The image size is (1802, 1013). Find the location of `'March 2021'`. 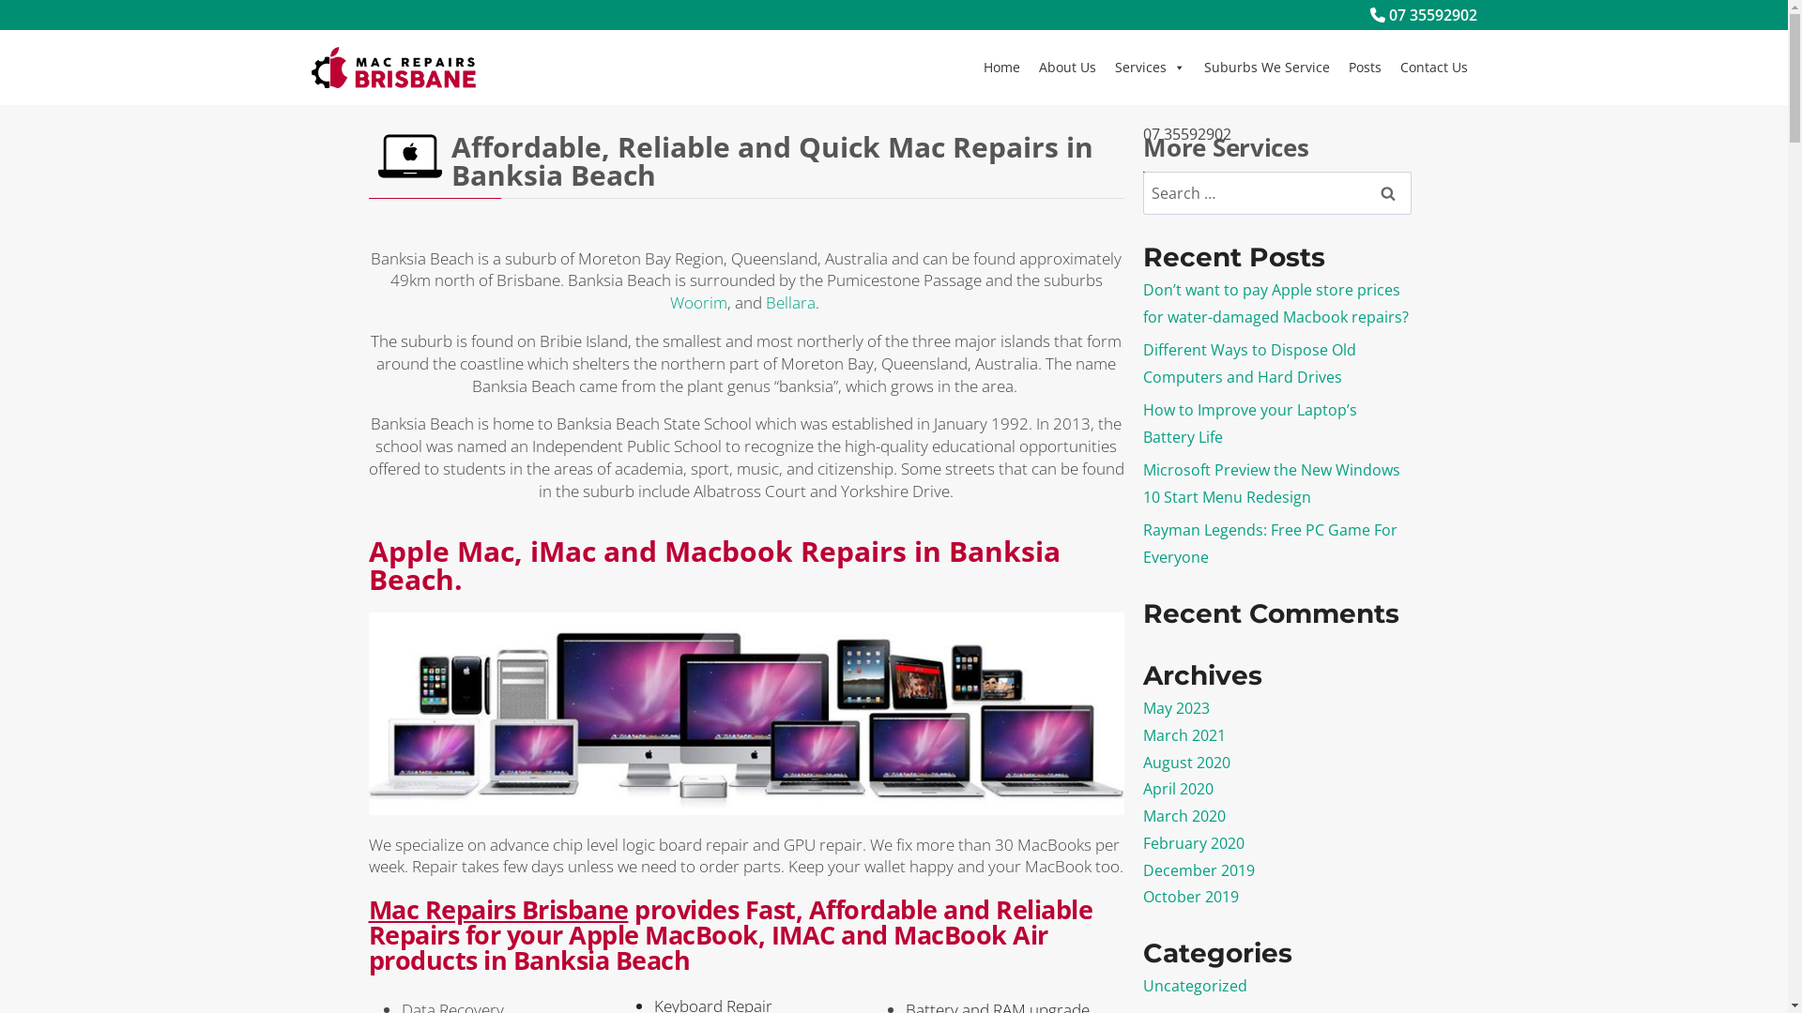

'March 2021' is located at coordinates (1184, 733).